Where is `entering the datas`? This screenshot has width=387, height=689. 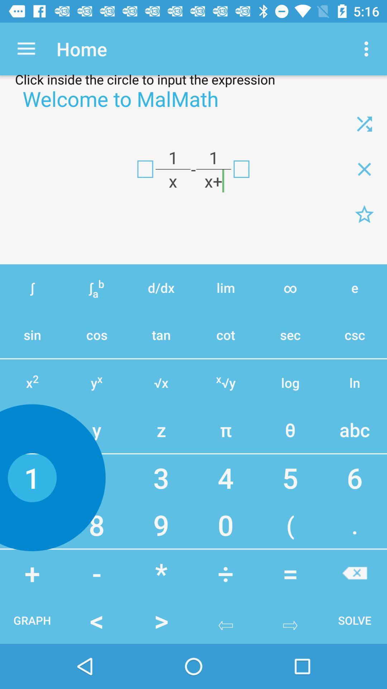
entering the datas is located at coordinates (145, 169).